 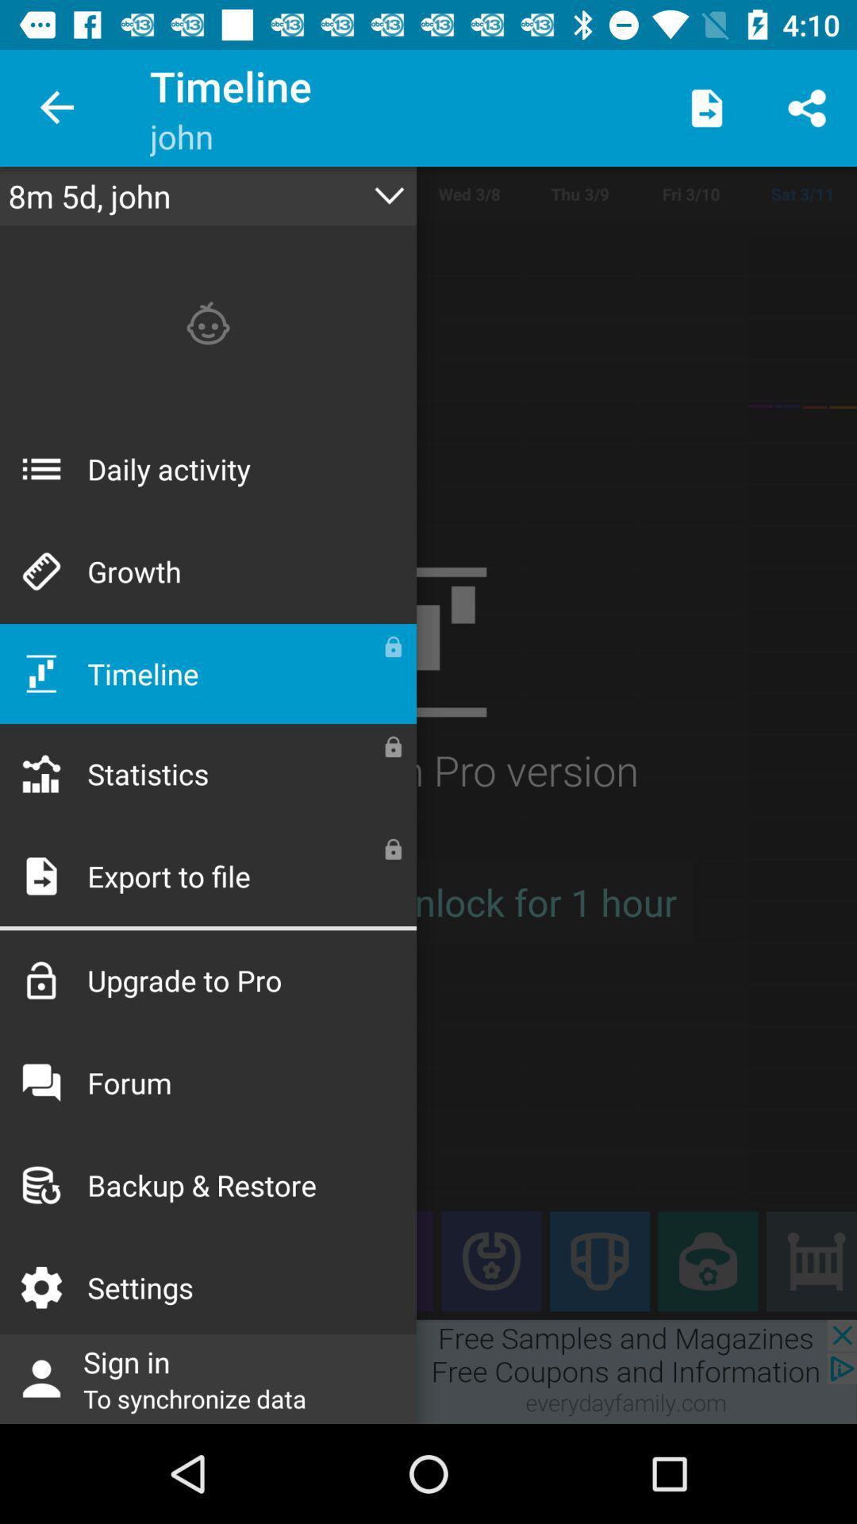 I want to click on the second lock icon, so click(x=393, y=745).